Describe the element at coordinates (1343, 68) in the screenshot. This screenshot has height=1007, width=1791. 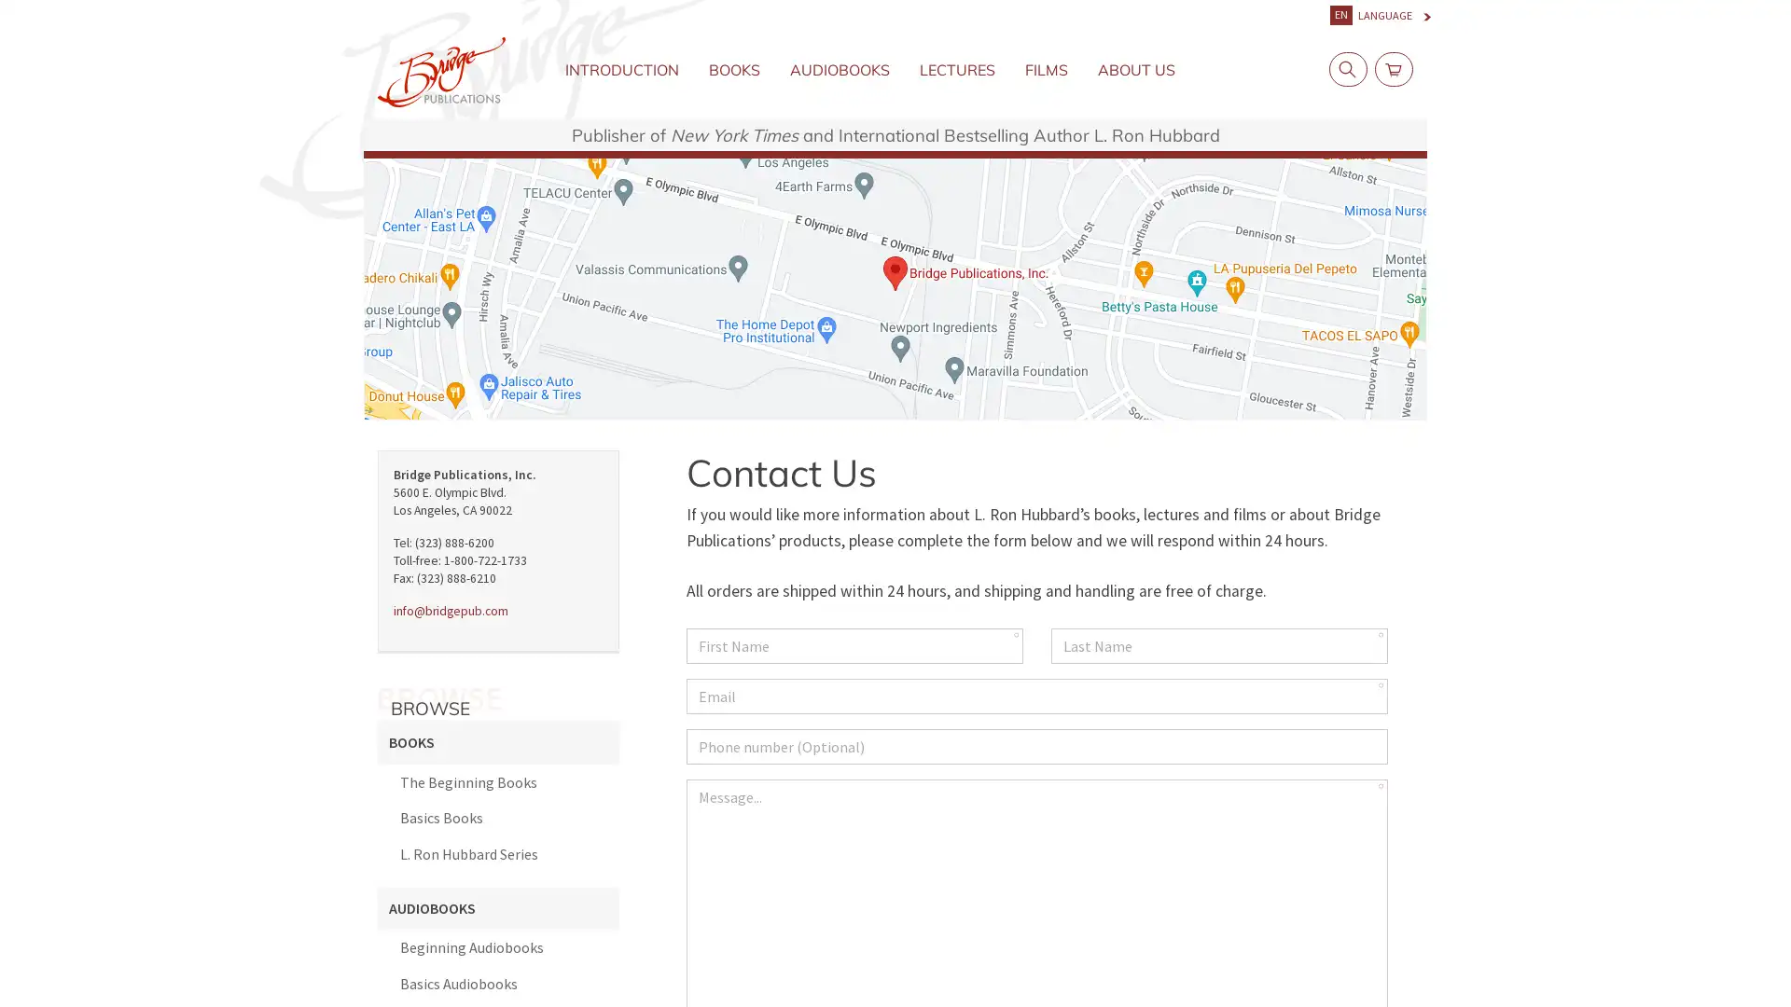
I see `Search W` at that location.